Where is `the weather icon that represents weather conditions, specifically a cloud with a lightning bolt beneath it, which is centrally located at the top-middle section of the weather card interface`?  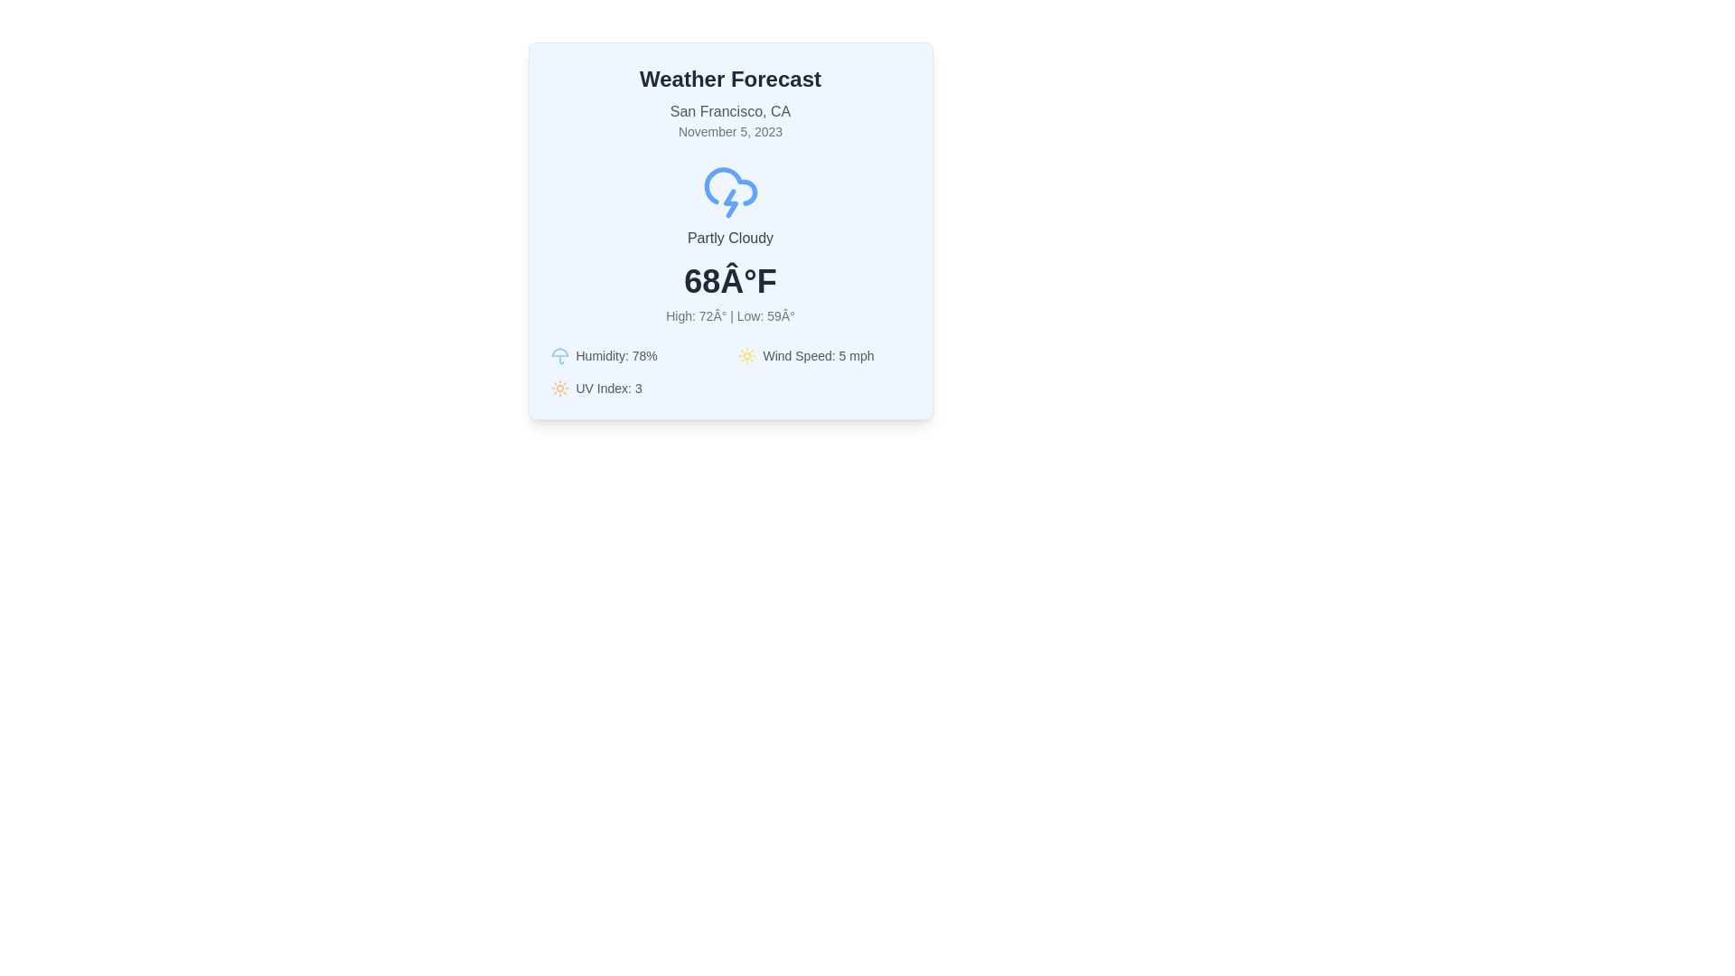
the weather icon that represents weather conditions, specifically a cloud with a lightning bolt beneath it, which is centrally located at the top-middle section of the weather card interface is located at coordinates (730, 192).